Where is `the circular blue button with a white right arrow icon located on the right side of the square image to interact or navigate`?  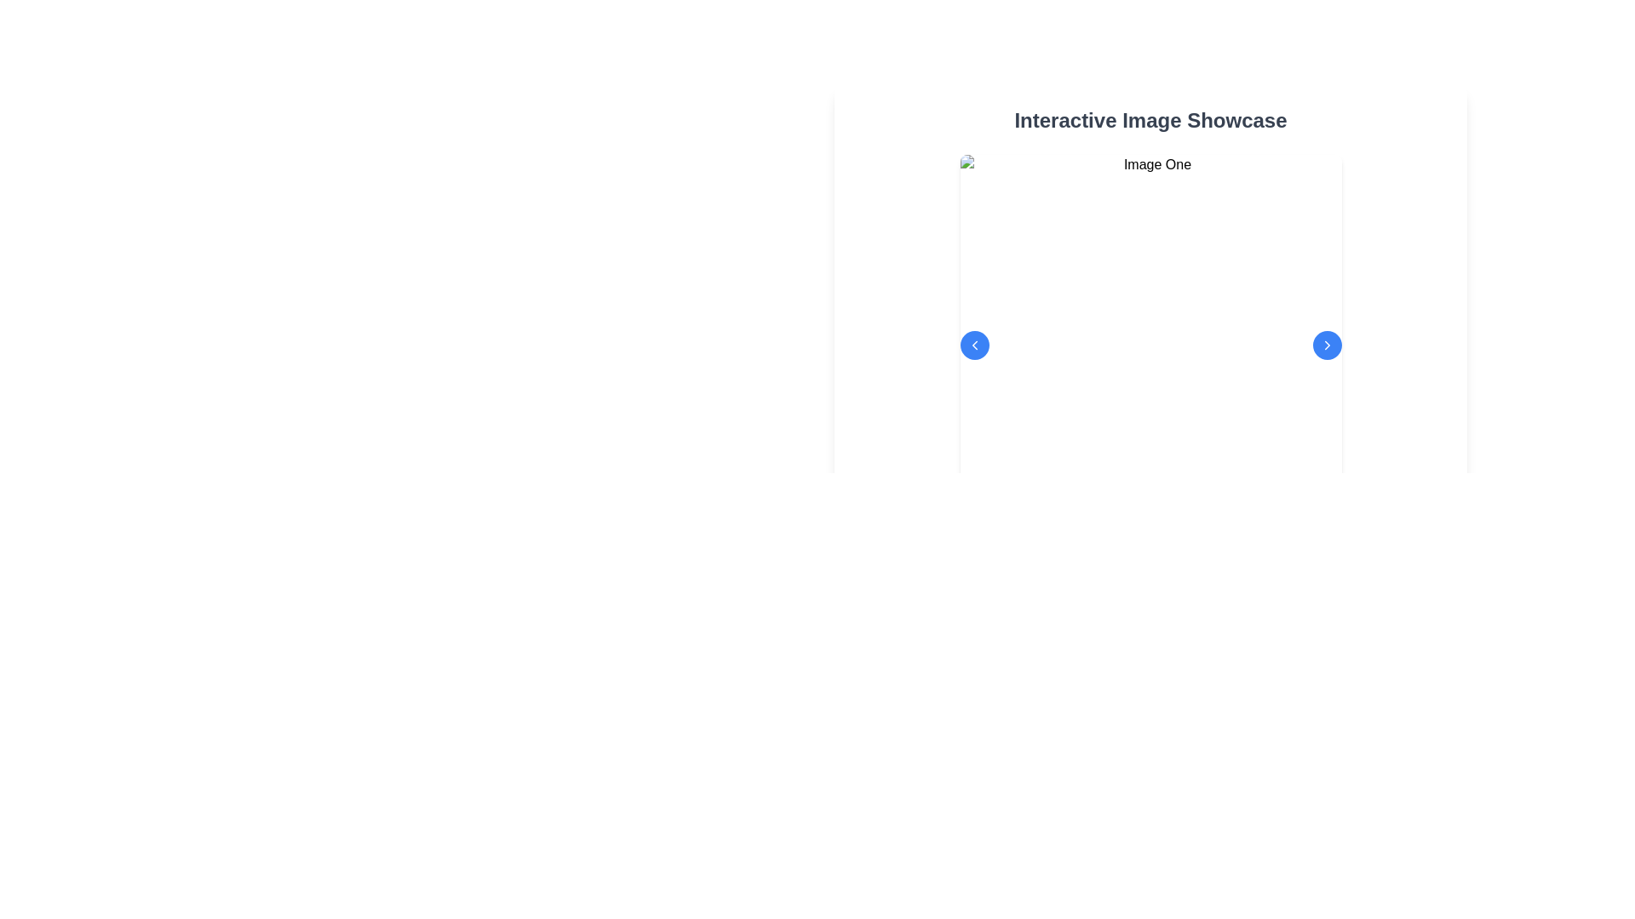
the circular blue button with a white right arrow icon located on the right side of the square image to interact or navigate is located at coordinates (1326, 345).